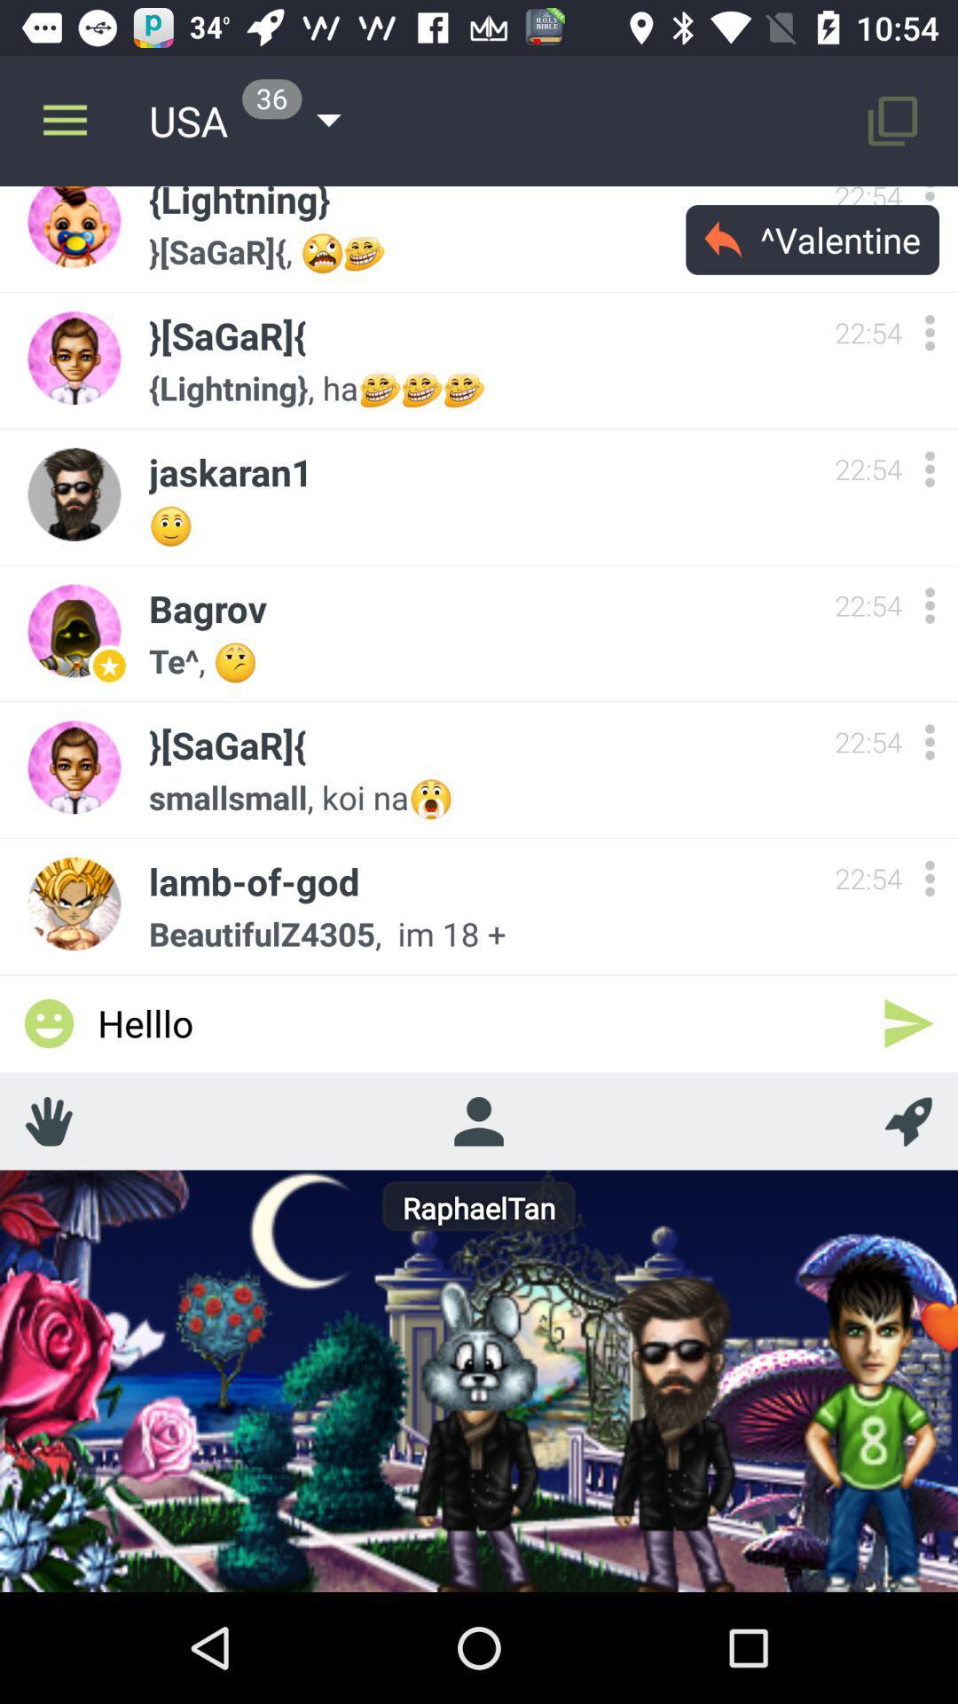 The height and width of the screenshot is (1704, 958). Describe the element at coordinates (908, 1120) in the screenshot. I see `autoplay option` at that location.